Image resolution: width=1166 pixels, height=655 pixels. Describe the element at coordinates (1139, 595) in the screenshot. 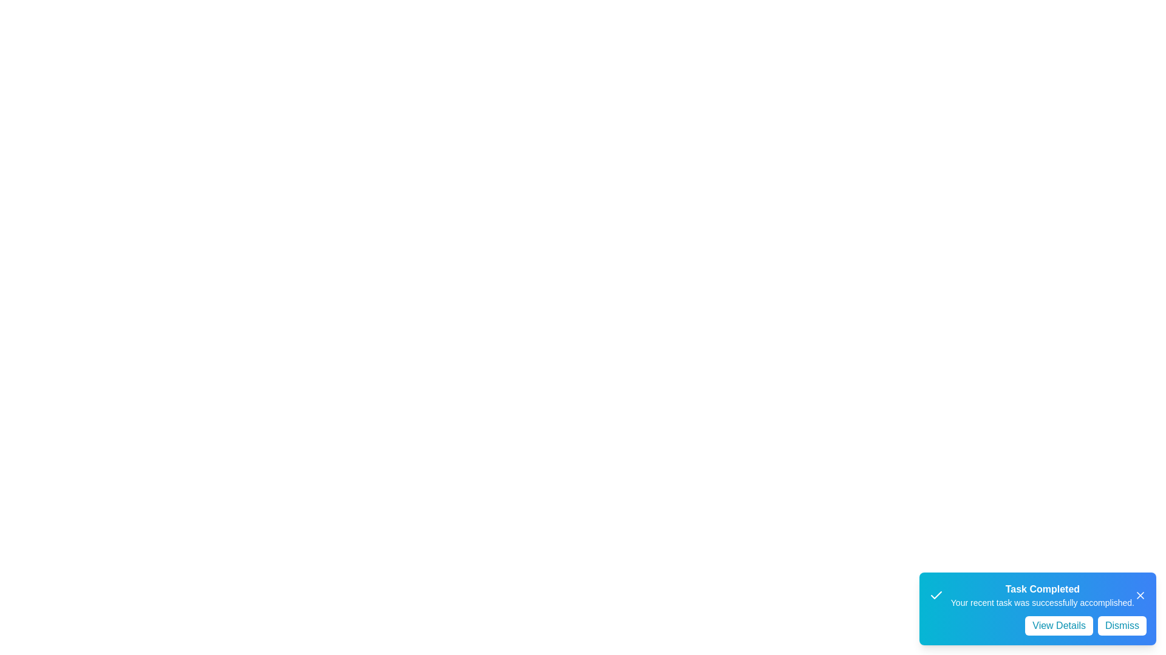

I see `the close button located at the top-right corner of the notification box titled 'Task Completed'` at that location.